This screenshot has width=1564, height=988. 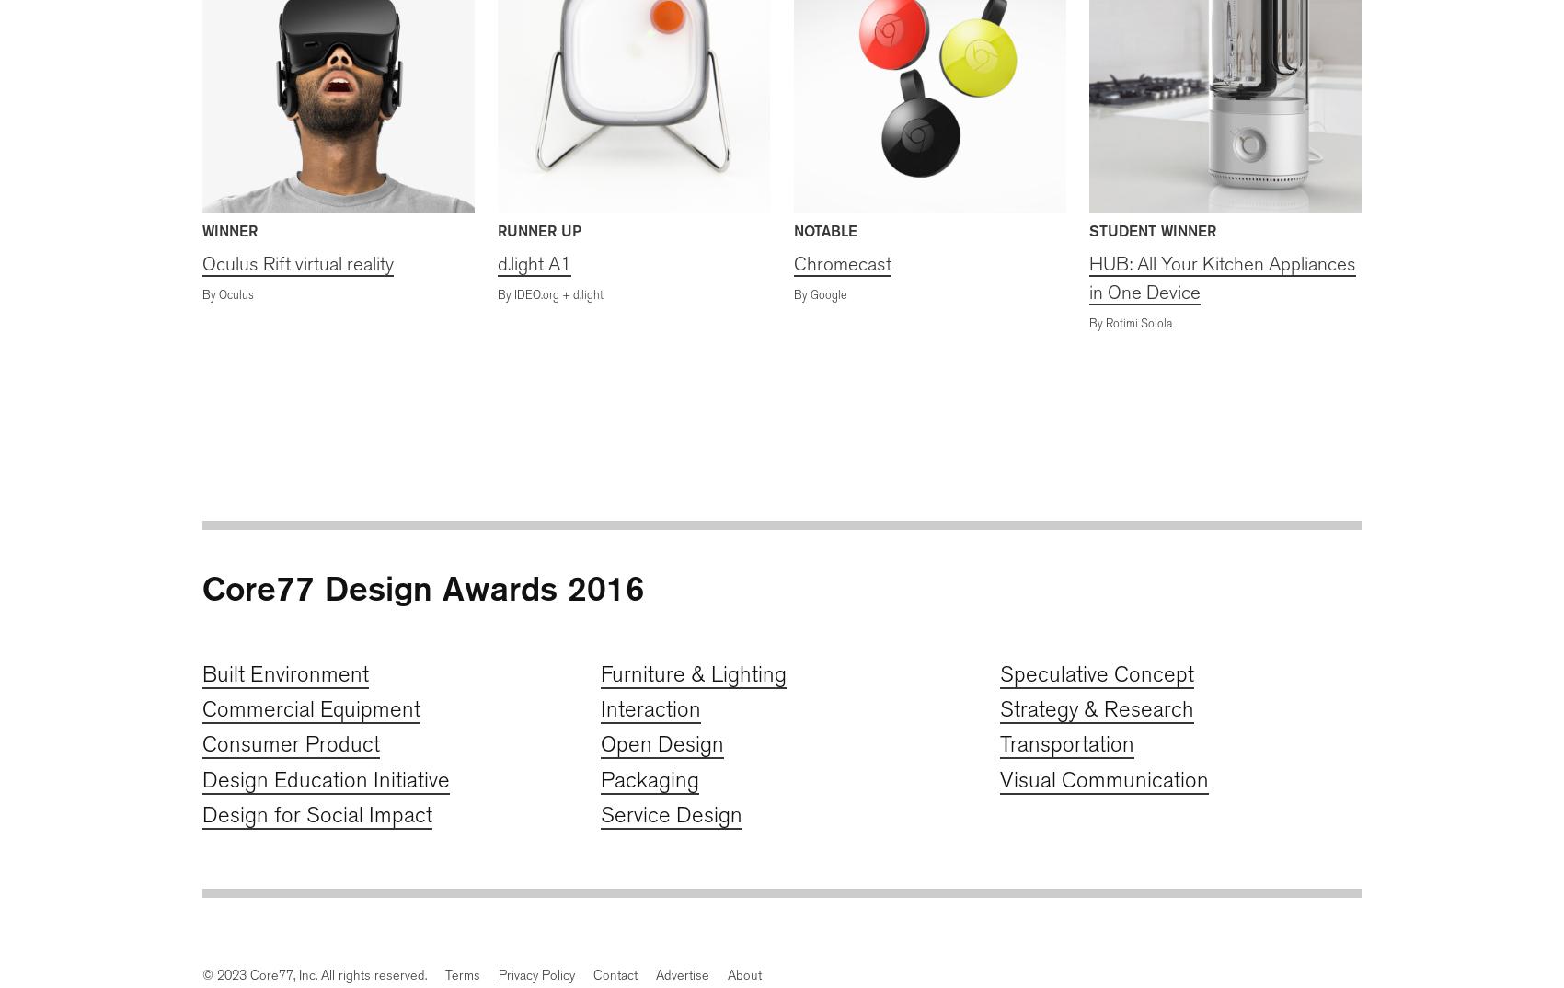 What do you see at coordinates (316, 814) in the screenshot?
I see `'Design for Social Impact'` at bounding box center [316, 814].